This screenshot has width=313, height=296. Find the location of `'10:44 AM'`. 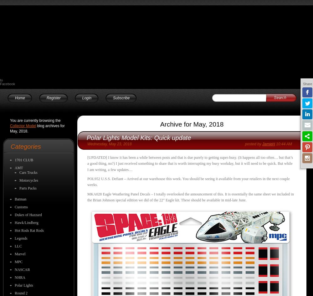

'10:44 AM' is located at coordinates (283, 144).